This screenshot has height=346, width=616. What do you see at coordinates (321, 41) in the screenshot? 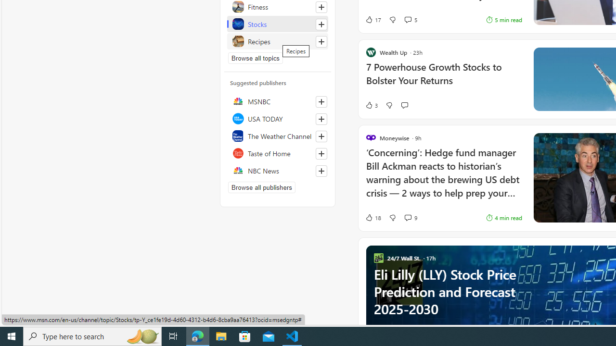
I see `'Follow this topic'` at bounding box center [321, 41].